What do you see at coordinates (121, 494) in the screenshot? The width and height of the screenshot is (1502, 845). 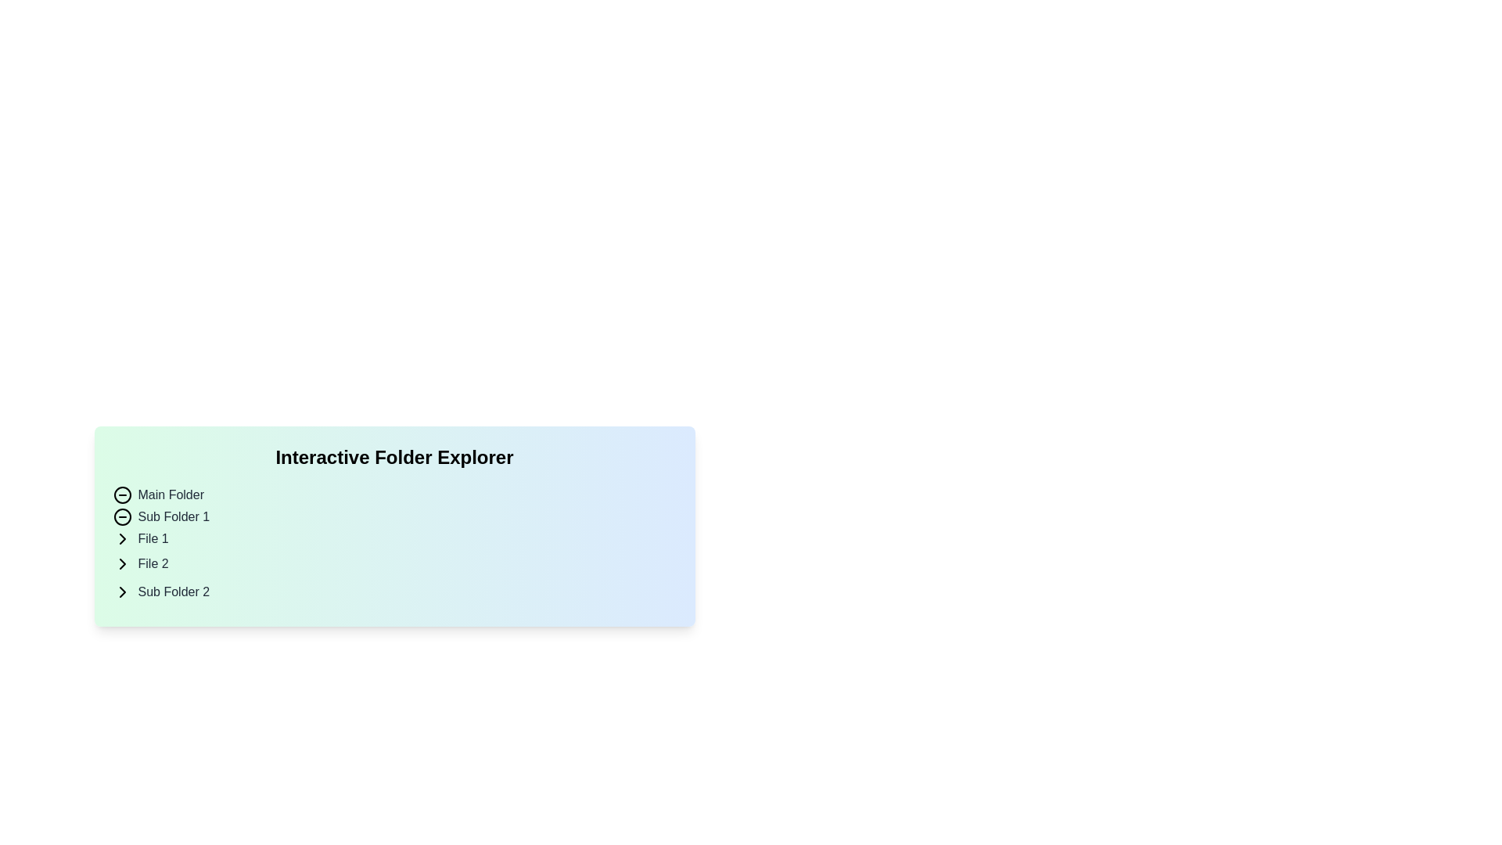 I see `the circular graphical element that indicates the expandable/collapsible state of the folder adjacent to the 'Sub Folder 1' label in the hierarchical list` at bounding box center [121, 494].